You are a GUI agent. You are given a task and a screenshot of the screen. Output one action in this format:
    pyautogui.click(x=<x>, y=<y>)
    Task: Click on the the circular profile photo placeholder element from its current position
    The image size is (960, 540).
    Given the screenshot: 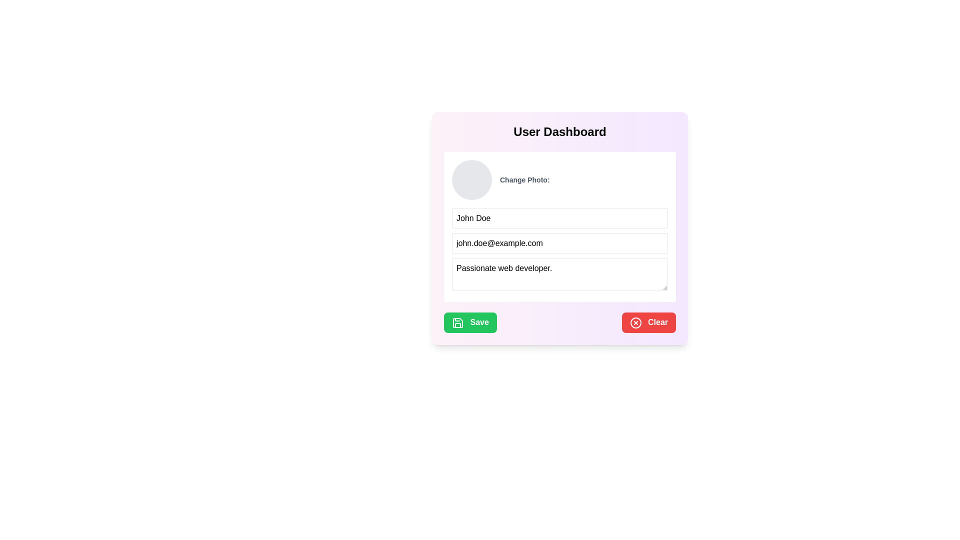 What is the action you would take?
    pyautogui.click(x=471, y=179)
    